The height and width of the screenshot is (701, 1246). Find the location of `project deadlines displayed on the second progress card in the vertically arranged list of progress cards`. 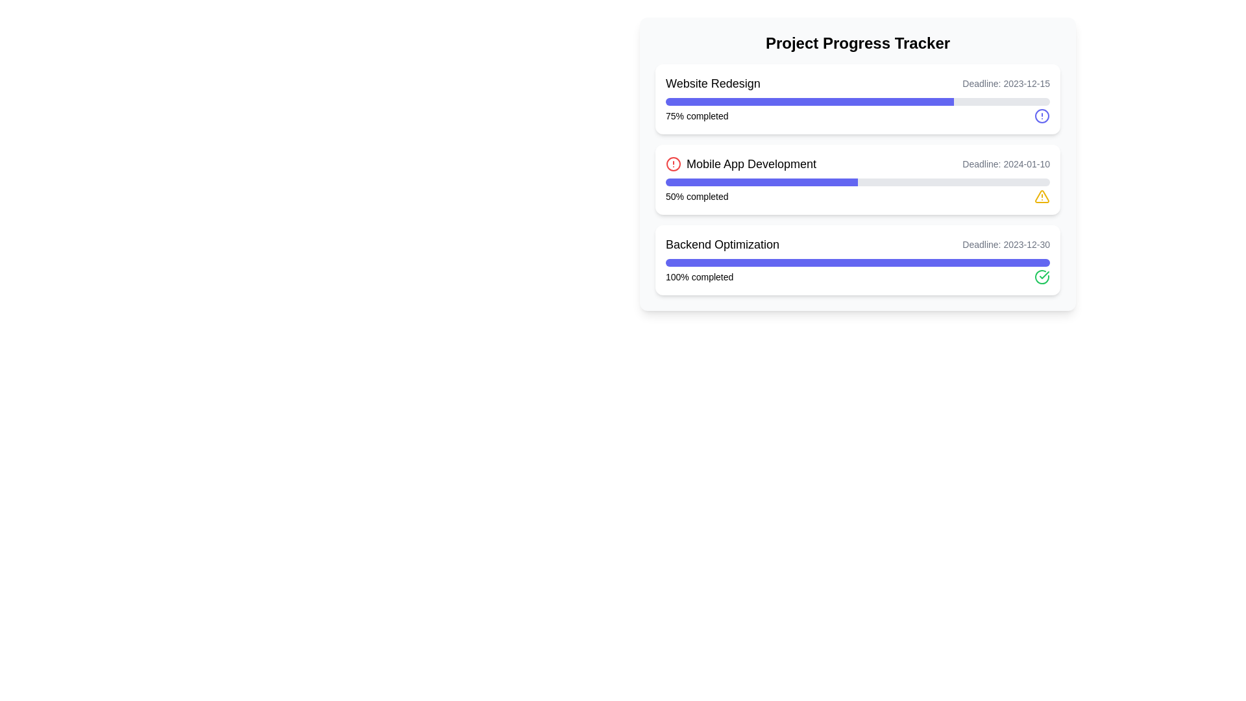

project deadlines displayed on the second progress card in the vertically arranged list of progress cards is located at coordinates (857, 180).